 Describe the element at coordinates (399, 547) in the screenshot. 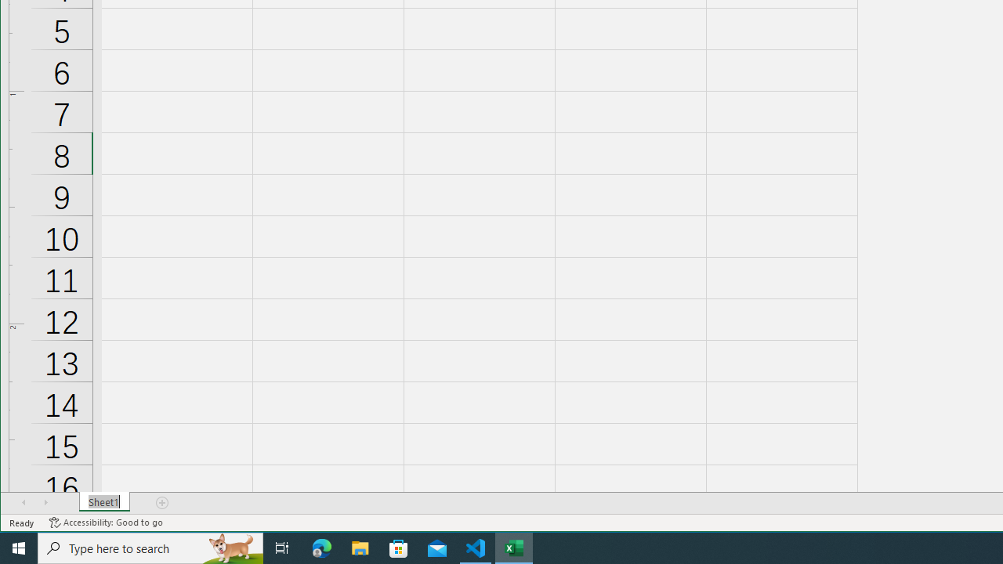

I see `'Microsoft Store'` at that location.